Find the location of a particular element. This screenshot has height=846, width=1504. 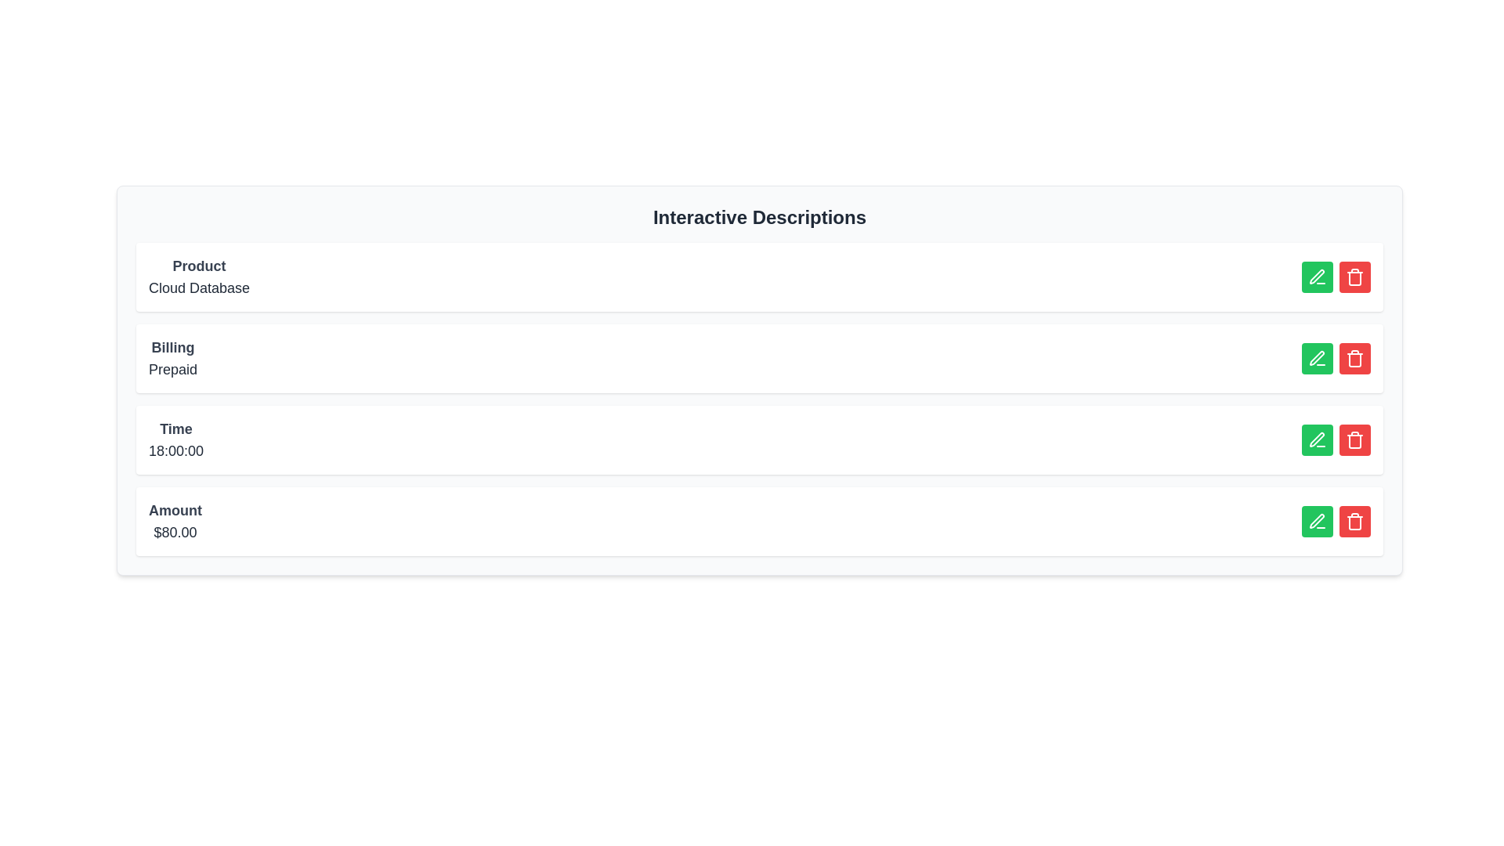

the red rectangular button with a white trash-bin icon located on the right side of the action bar is located at coordinates (1354, 359).